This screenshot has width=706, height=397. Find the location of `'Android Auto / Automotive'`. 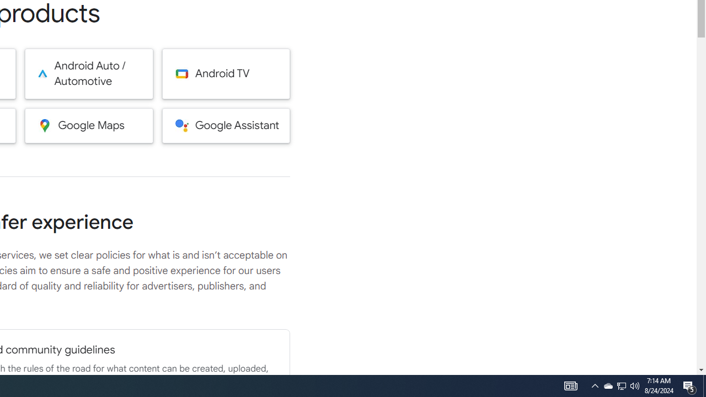

'Android Auto / Automotive' is located at coordinates (89, 73).